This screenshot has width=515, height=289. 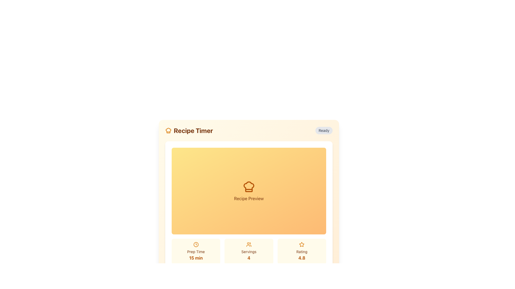 I want to click on the stylistic rating icon located centrally within the 'Rating 4.8' section, which is positioned above the numeric value 4.8 and the text 'Rating', so click(x=302, y=245).